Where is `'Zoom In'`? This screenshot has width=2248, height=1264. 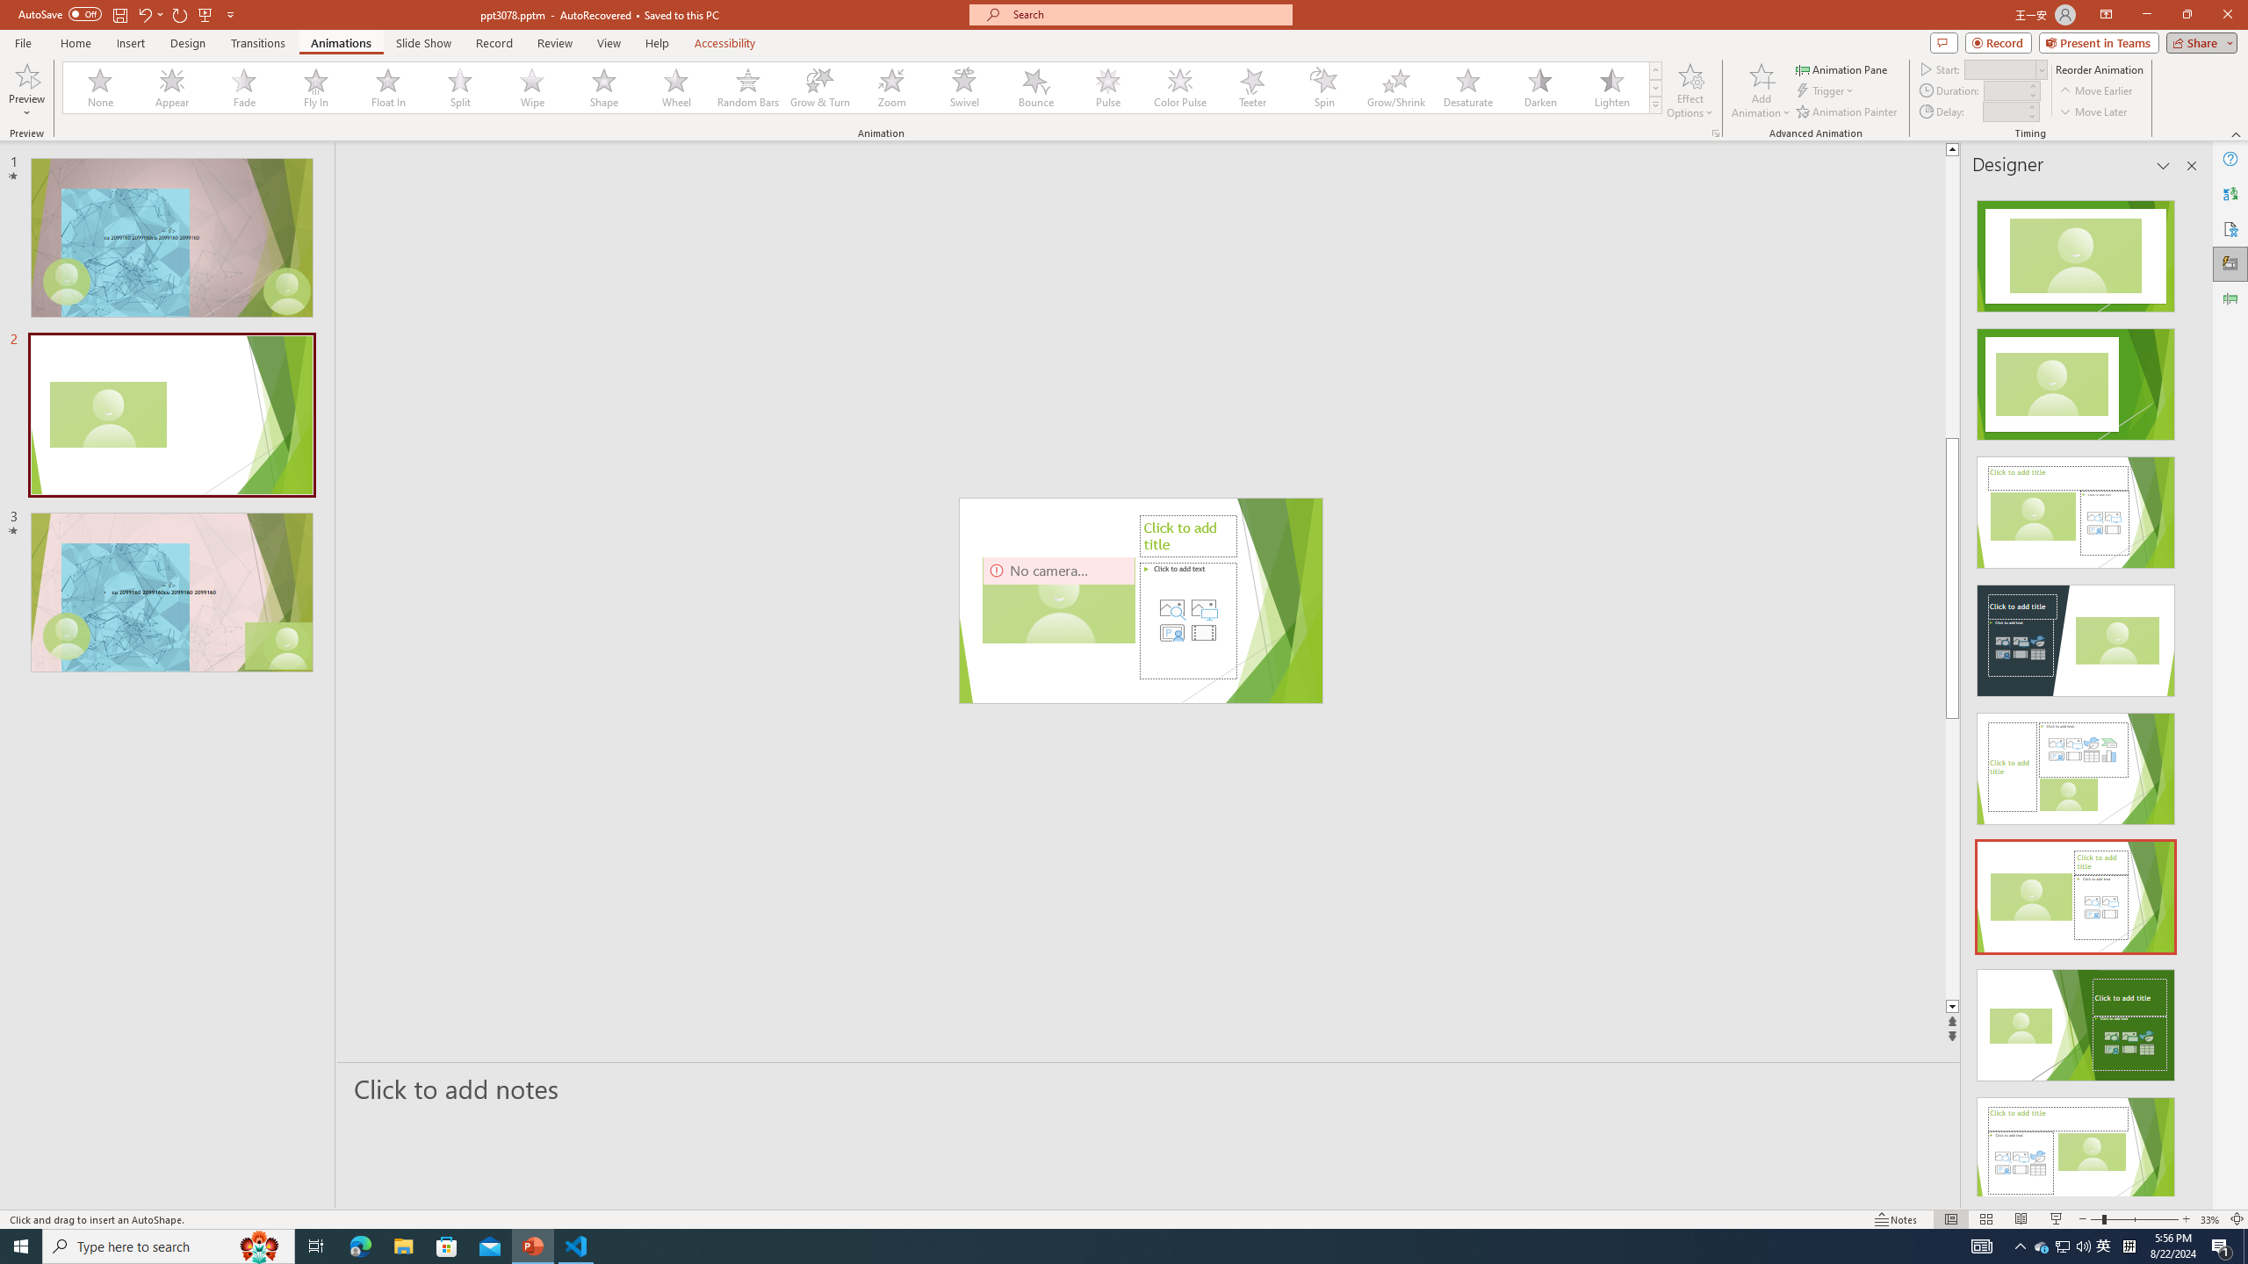 'Zoom In' is located at coordinates (2185, 1219).